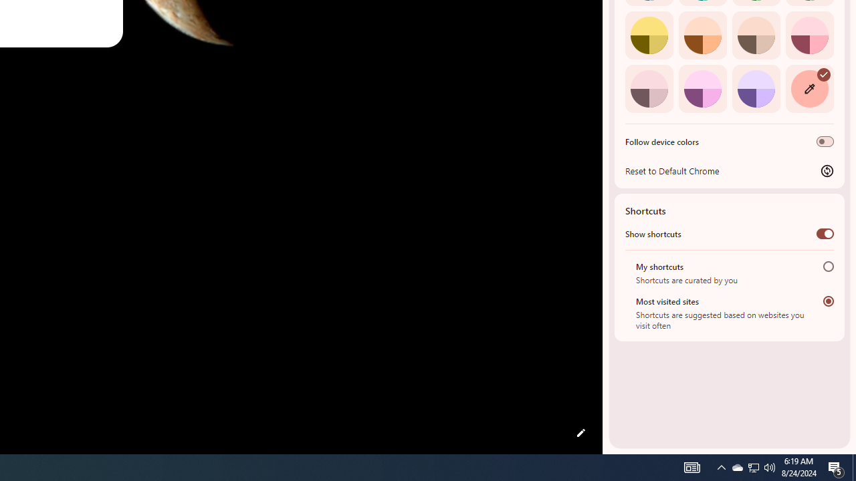  What do you see at coordinates (809, 34) in the screenshot?
I see `'Rose'` at bounding box center [809, 34].